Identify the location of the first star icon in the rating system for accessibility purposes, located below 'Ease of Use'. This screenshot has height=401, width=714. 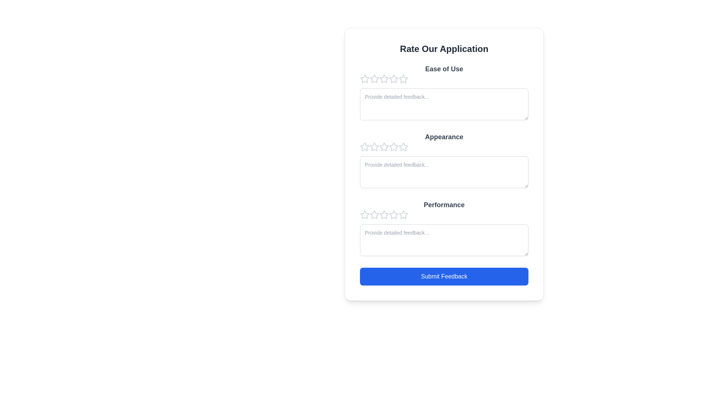
(374, 79).